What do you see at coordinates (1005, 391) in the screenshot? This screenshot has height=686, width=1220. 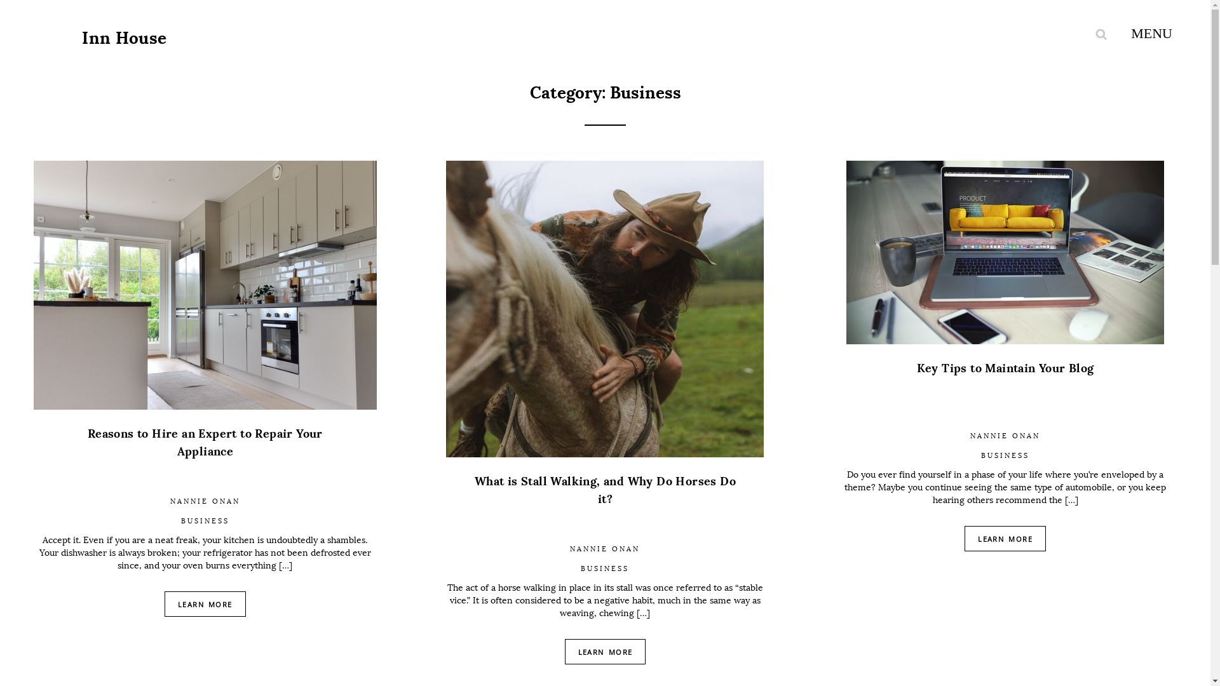 I see `'Key Tips to Maintain Your Blog'` at bounding box center [1005, 391].